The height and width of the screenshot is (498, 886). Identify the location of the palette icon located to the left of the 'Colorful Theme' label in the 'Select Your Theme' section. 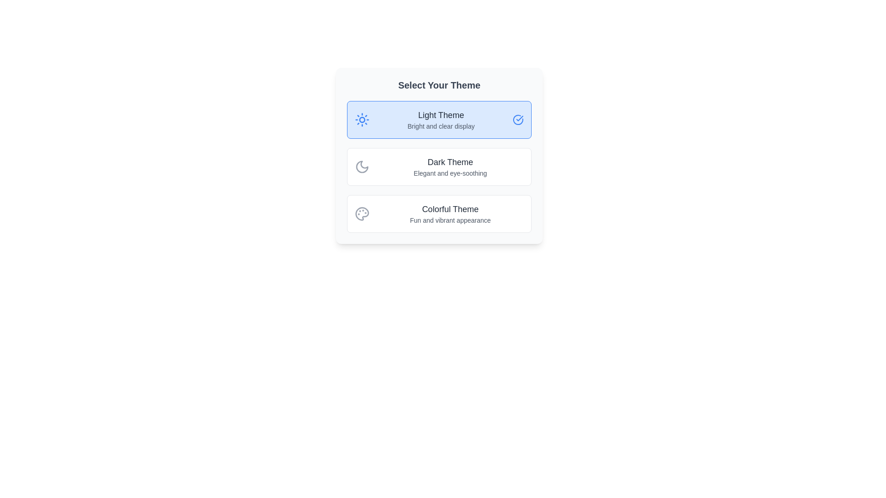
(362, 213).